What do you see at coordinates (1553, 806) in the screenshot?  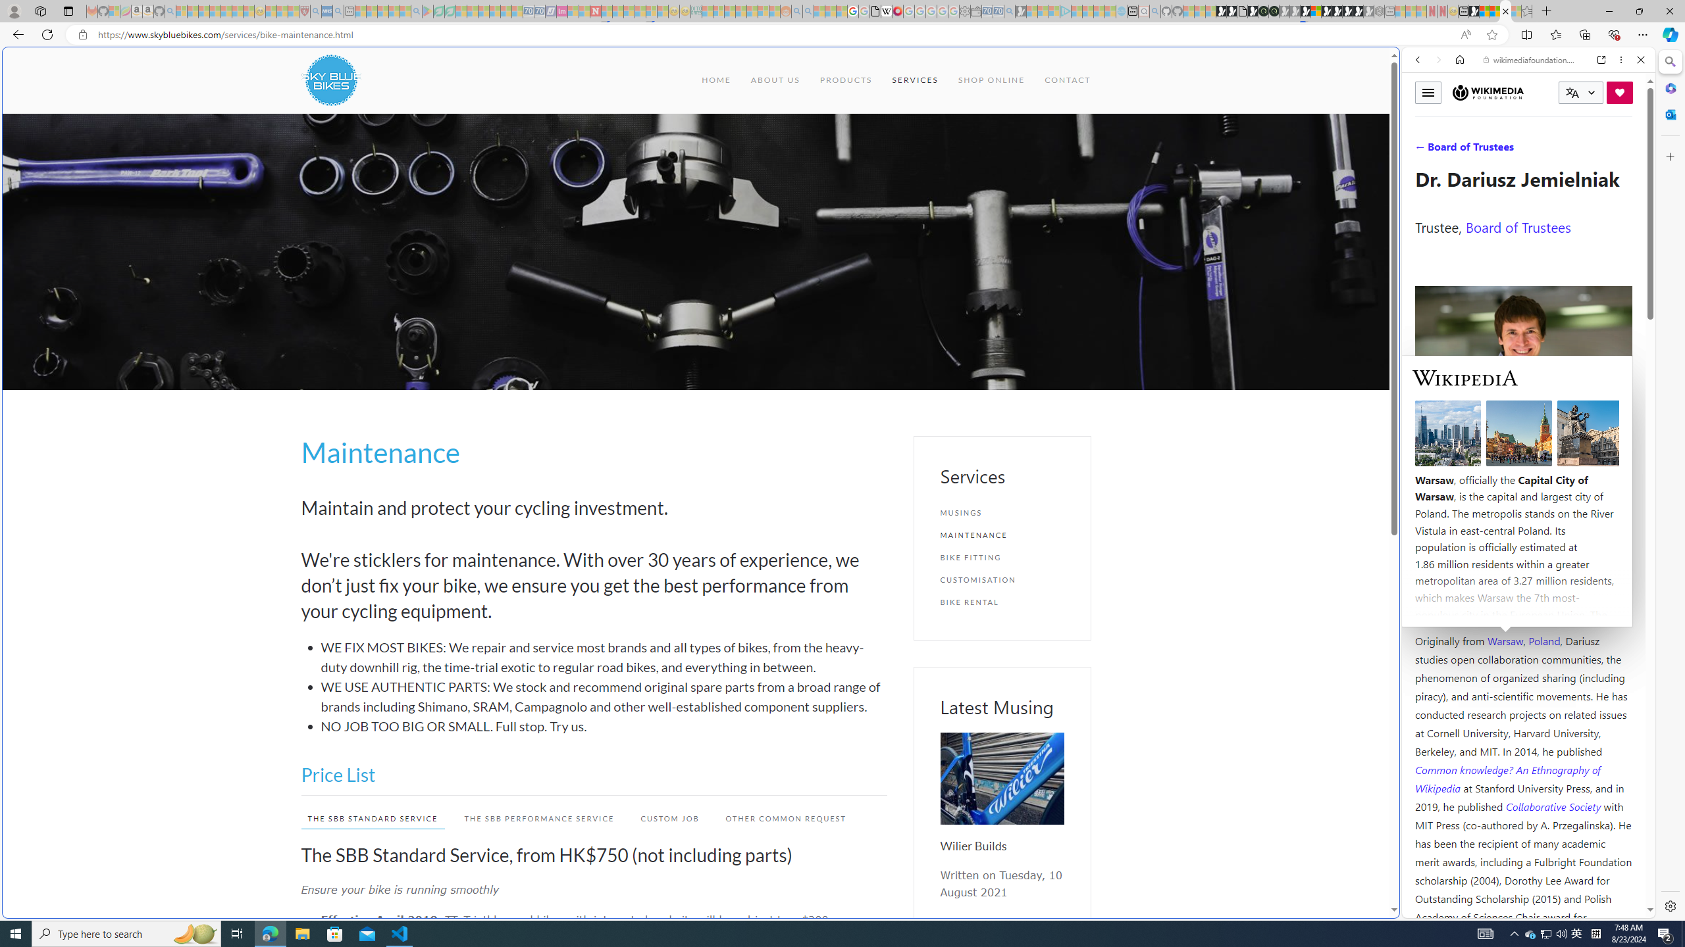 I see `'Collaborative Society '` at bounding box center [1553, 806].